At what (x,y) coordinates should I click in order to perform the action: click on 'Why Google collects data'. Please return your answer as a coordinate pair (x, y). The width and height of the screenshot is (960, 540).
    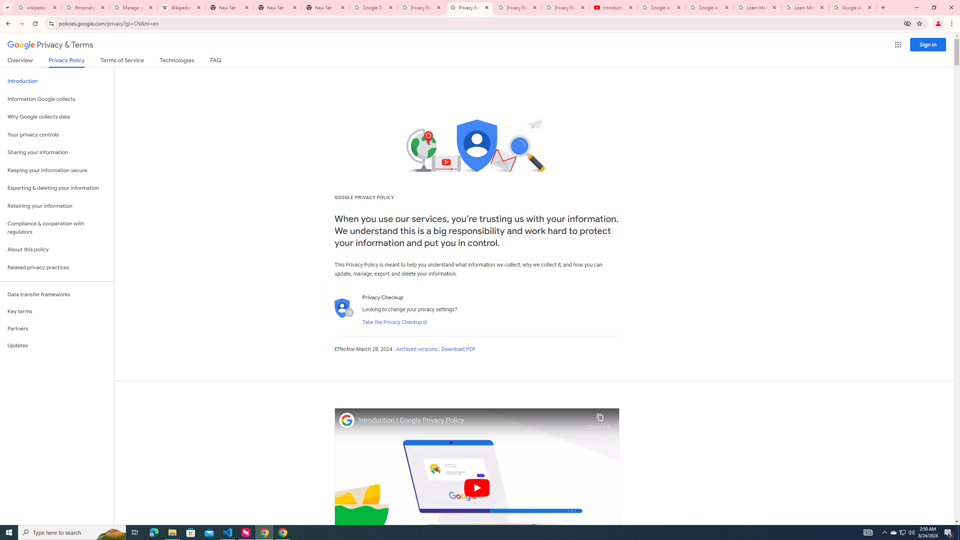
    Looking at the image, I should click on (57, 116).